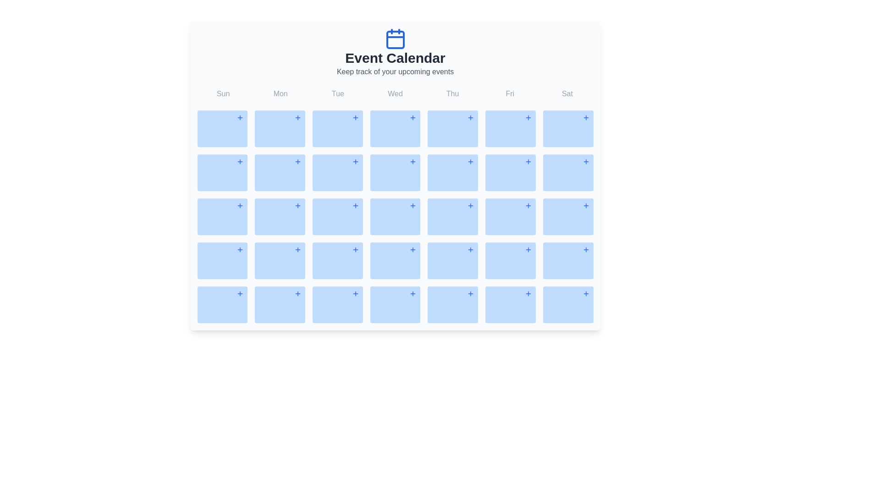 The width and height of the screenshot is (880, 495). I want to click on the small, blue, plus-shaped icon located in the top-right corner of the Saturday calendar day cell, so click(585, 117).